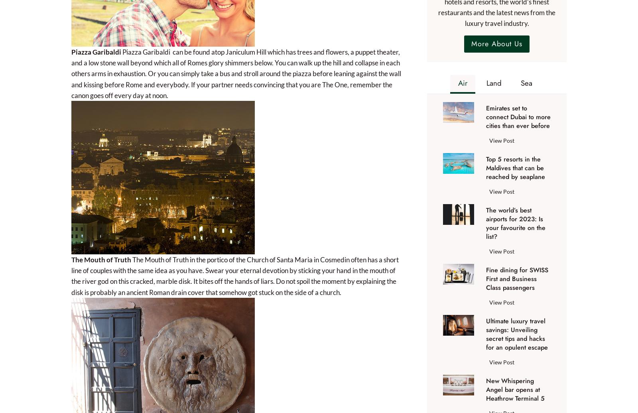 Image resolution: width=638 pixels, height=413 pixels. I want to click on 'Top 5 resorts in the Maldives that can be reached by seaplane', so click(515, 167).